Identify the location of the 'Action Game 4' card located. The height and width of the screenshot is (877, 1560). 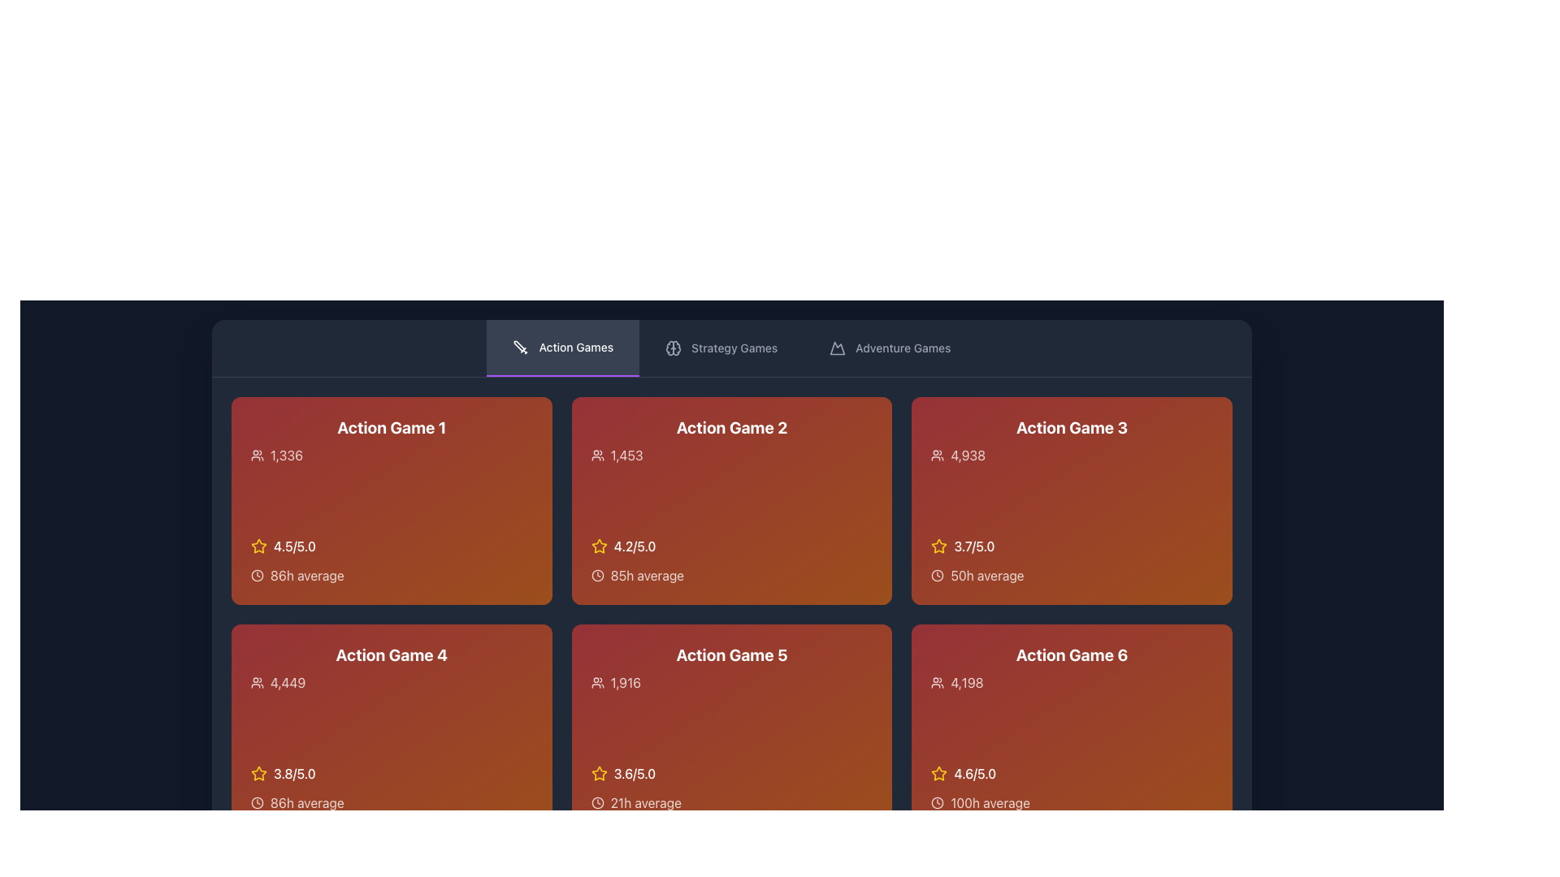
(392, 728).